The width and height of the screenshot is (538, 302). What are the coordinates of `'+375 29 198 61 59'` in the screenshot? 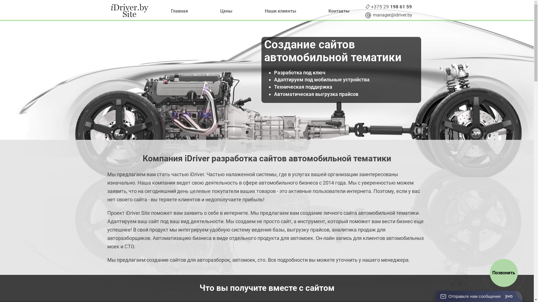 It's located at (371, 7).